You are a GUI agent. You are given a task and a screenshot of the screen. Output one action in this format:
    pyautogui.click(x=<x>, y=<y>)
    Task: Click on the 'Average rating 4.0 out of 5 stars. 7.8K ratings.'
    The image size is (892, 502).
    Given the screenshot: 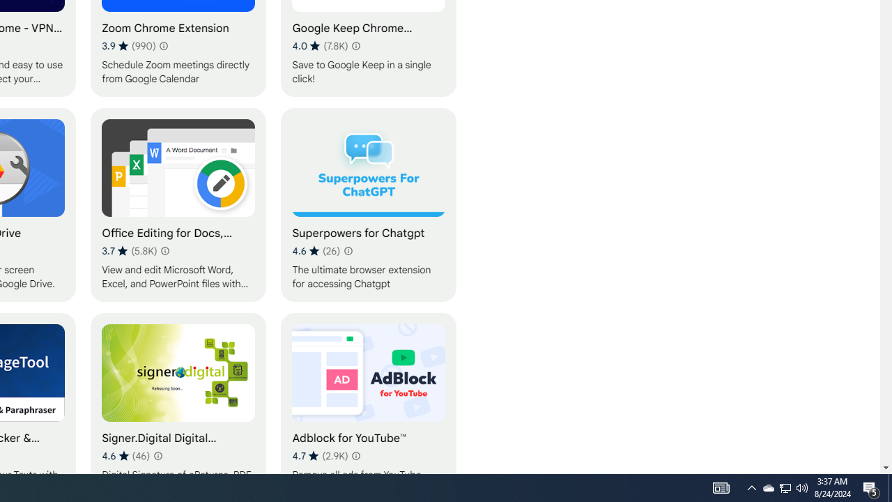 What is the action you would take?
    pyautogui.click(x=319, y=45)
    